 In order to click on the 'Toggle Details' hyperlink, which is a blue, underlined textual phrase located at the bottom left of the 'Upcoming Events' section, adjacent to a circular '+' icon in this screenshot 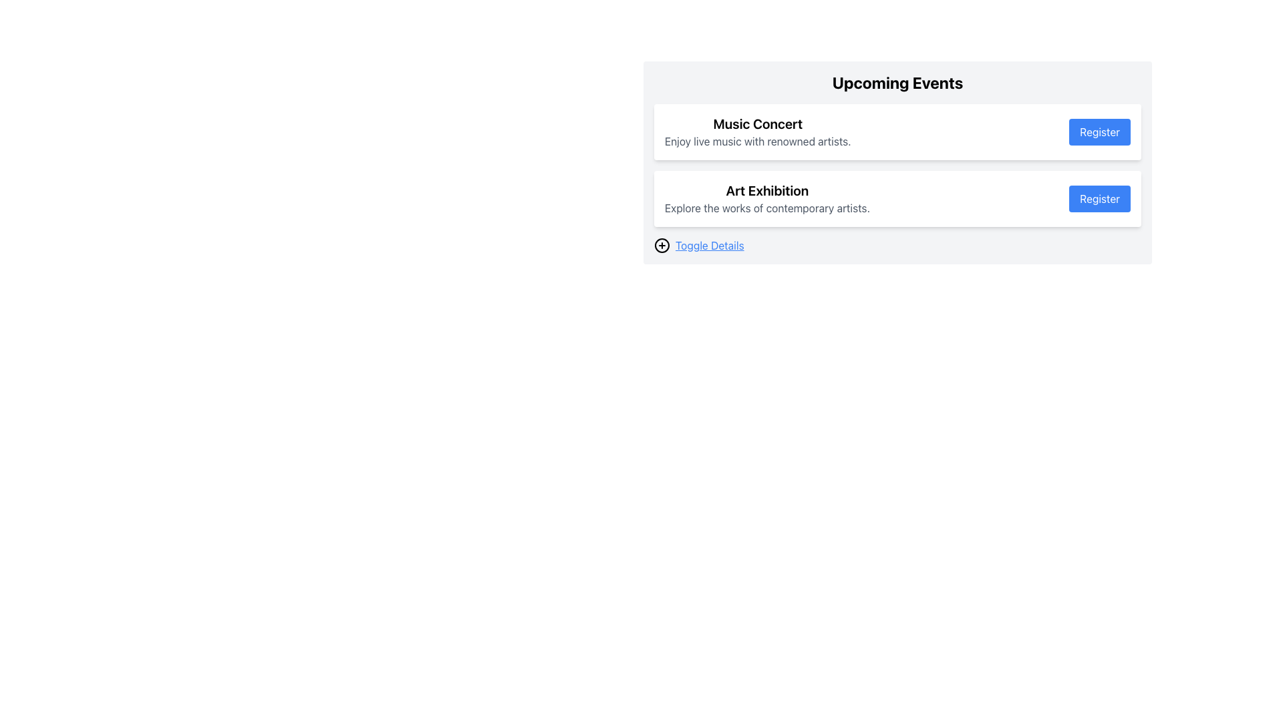, I will do `click(709, 245)`.